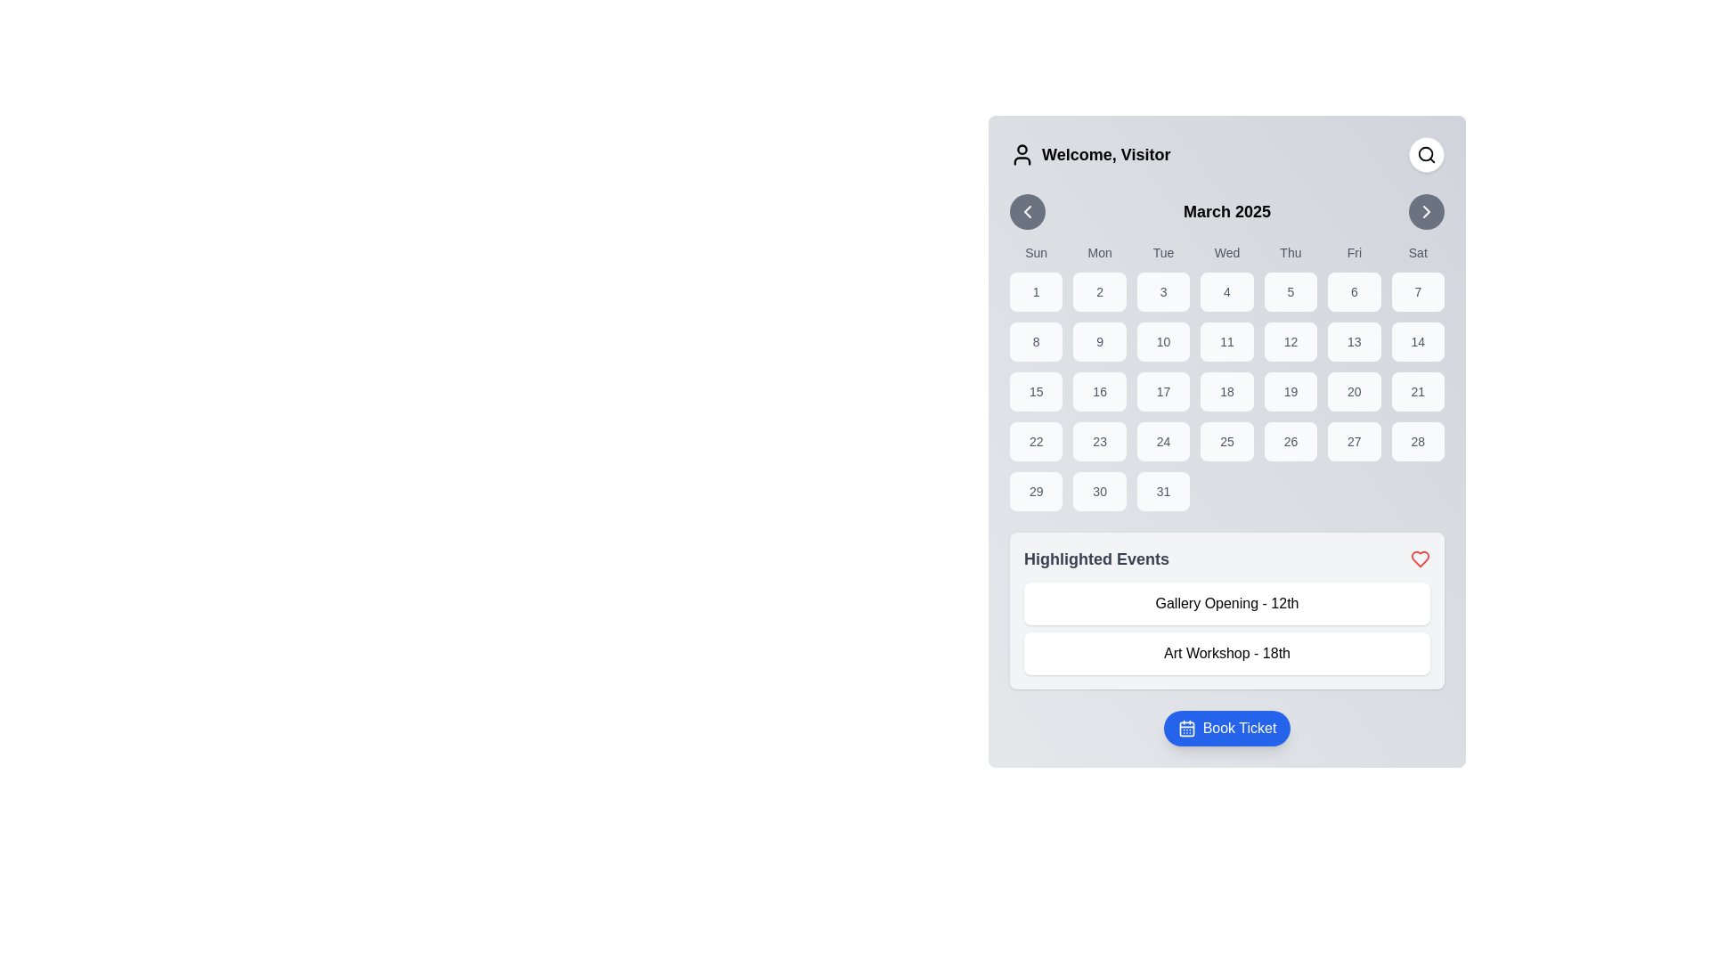 Image resolution: width=1710 pixels, height=962 pixels. I want to click on the static label displaying the text 'Mon', which is the second item in the row of weekday labels between 'Sun' and 'Tue', so click(1099, 253).